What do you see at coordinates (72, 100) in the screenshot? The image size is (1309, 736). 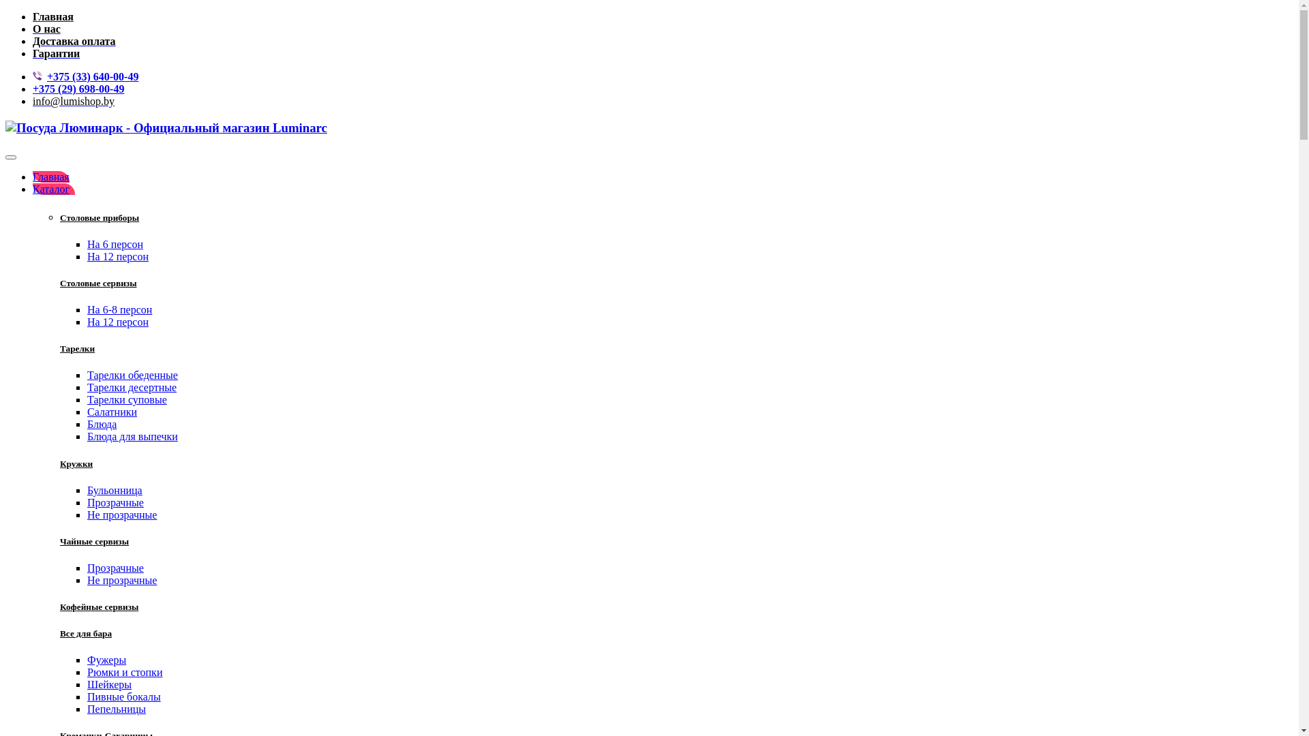 I see `'info@lumishop.by'` at bounding box center [72, 100].